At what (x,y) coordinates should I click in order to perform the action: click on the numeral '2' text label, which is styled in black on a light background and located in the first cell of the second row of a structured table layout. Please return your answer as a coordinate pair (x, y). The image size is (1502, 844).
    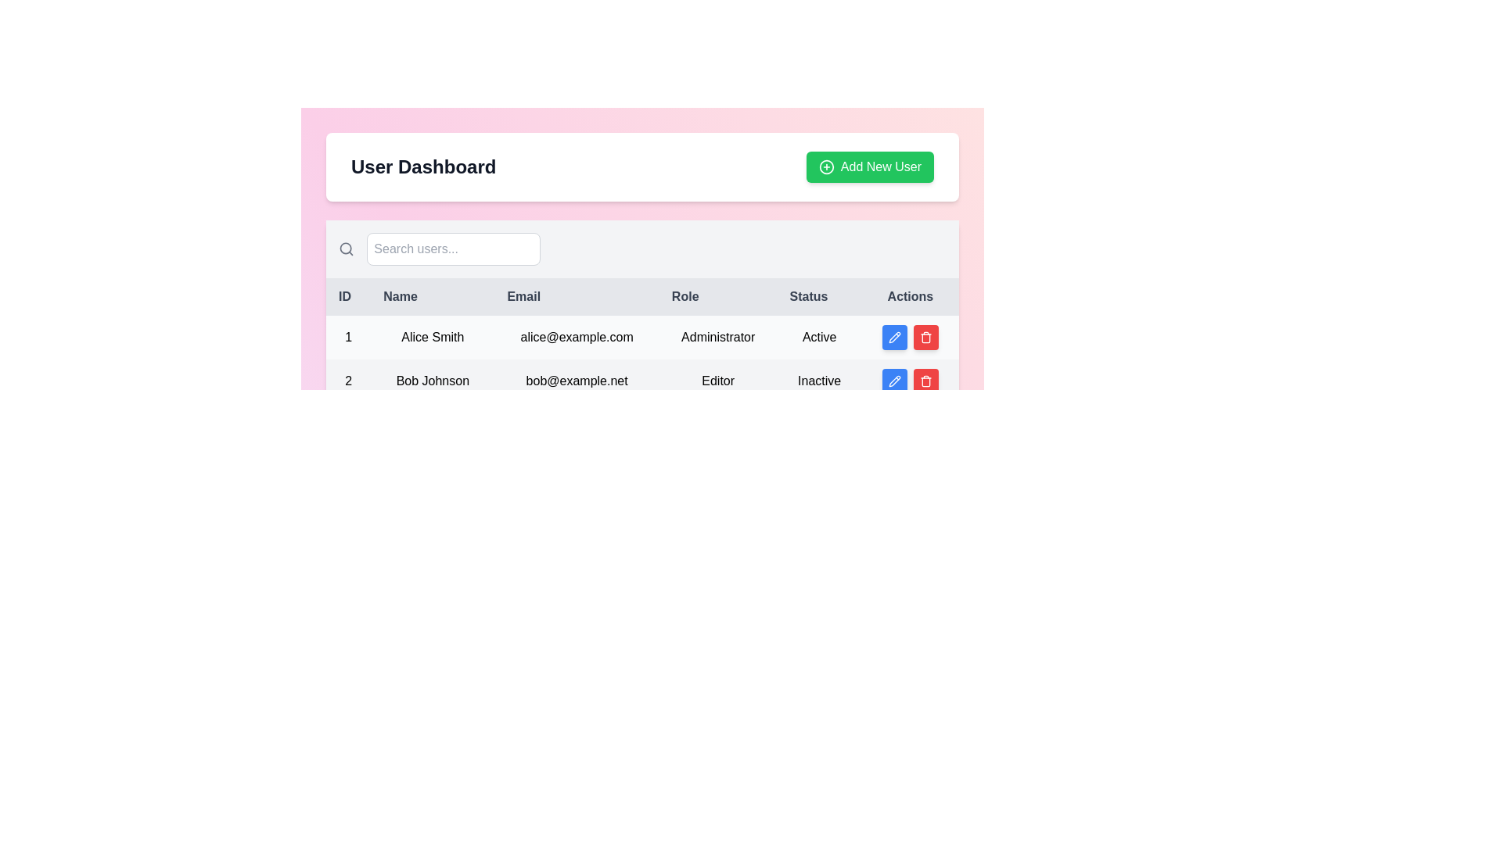
    Looking at the image, I should click on (347, 381).